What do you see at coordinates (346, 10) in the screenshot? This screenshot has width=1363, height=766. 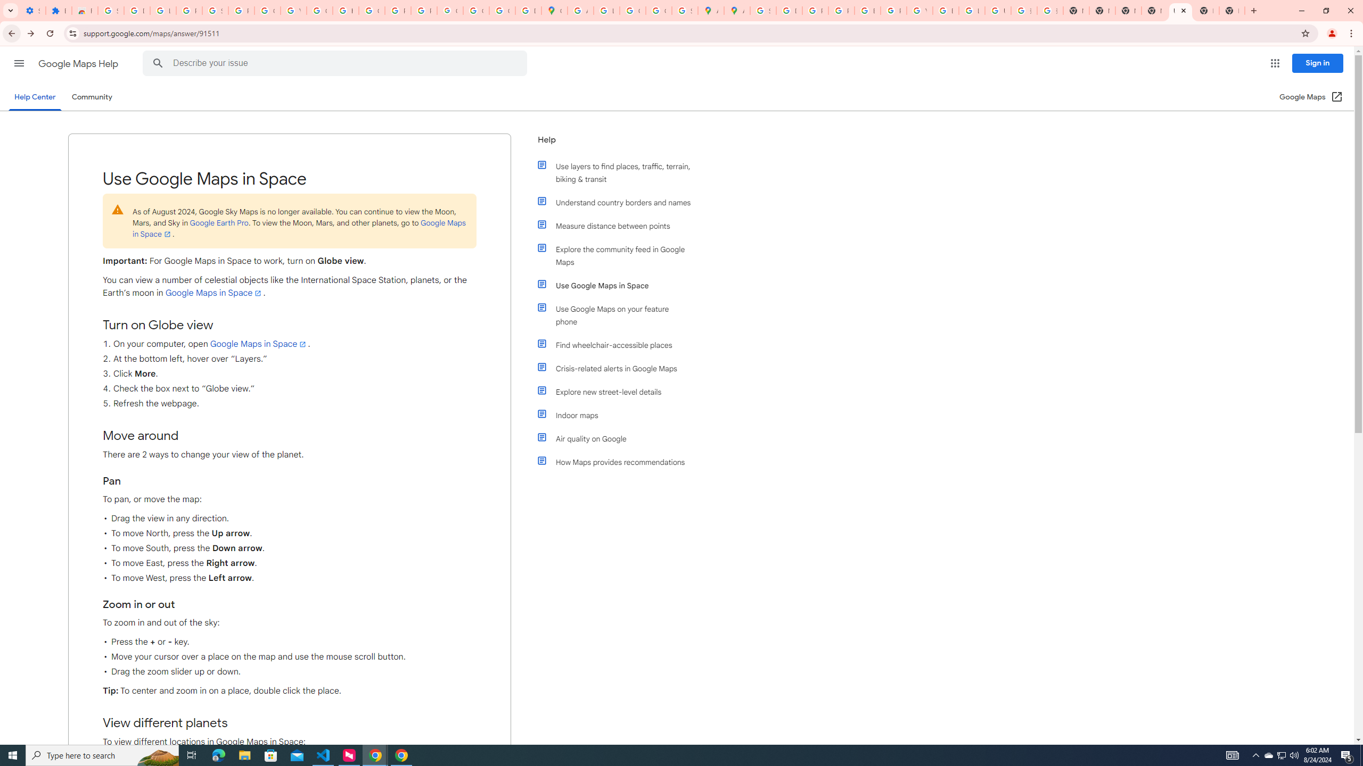 I see `'https://scholar.google.com/'` at bounding box center [346, 10].